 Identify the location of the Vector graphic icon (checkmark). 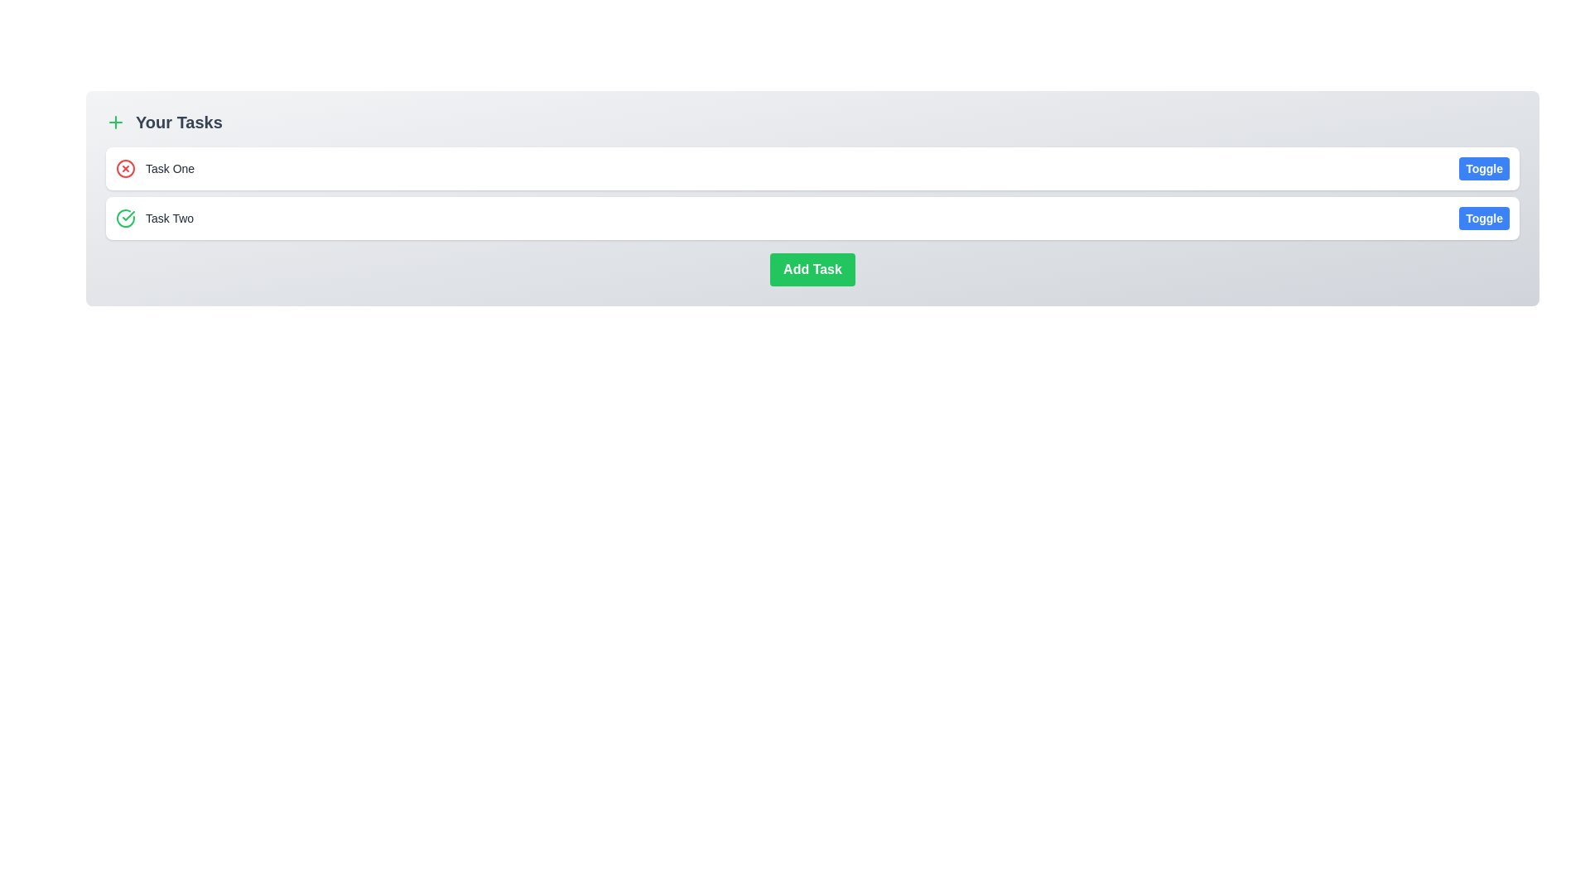
(128, 215).